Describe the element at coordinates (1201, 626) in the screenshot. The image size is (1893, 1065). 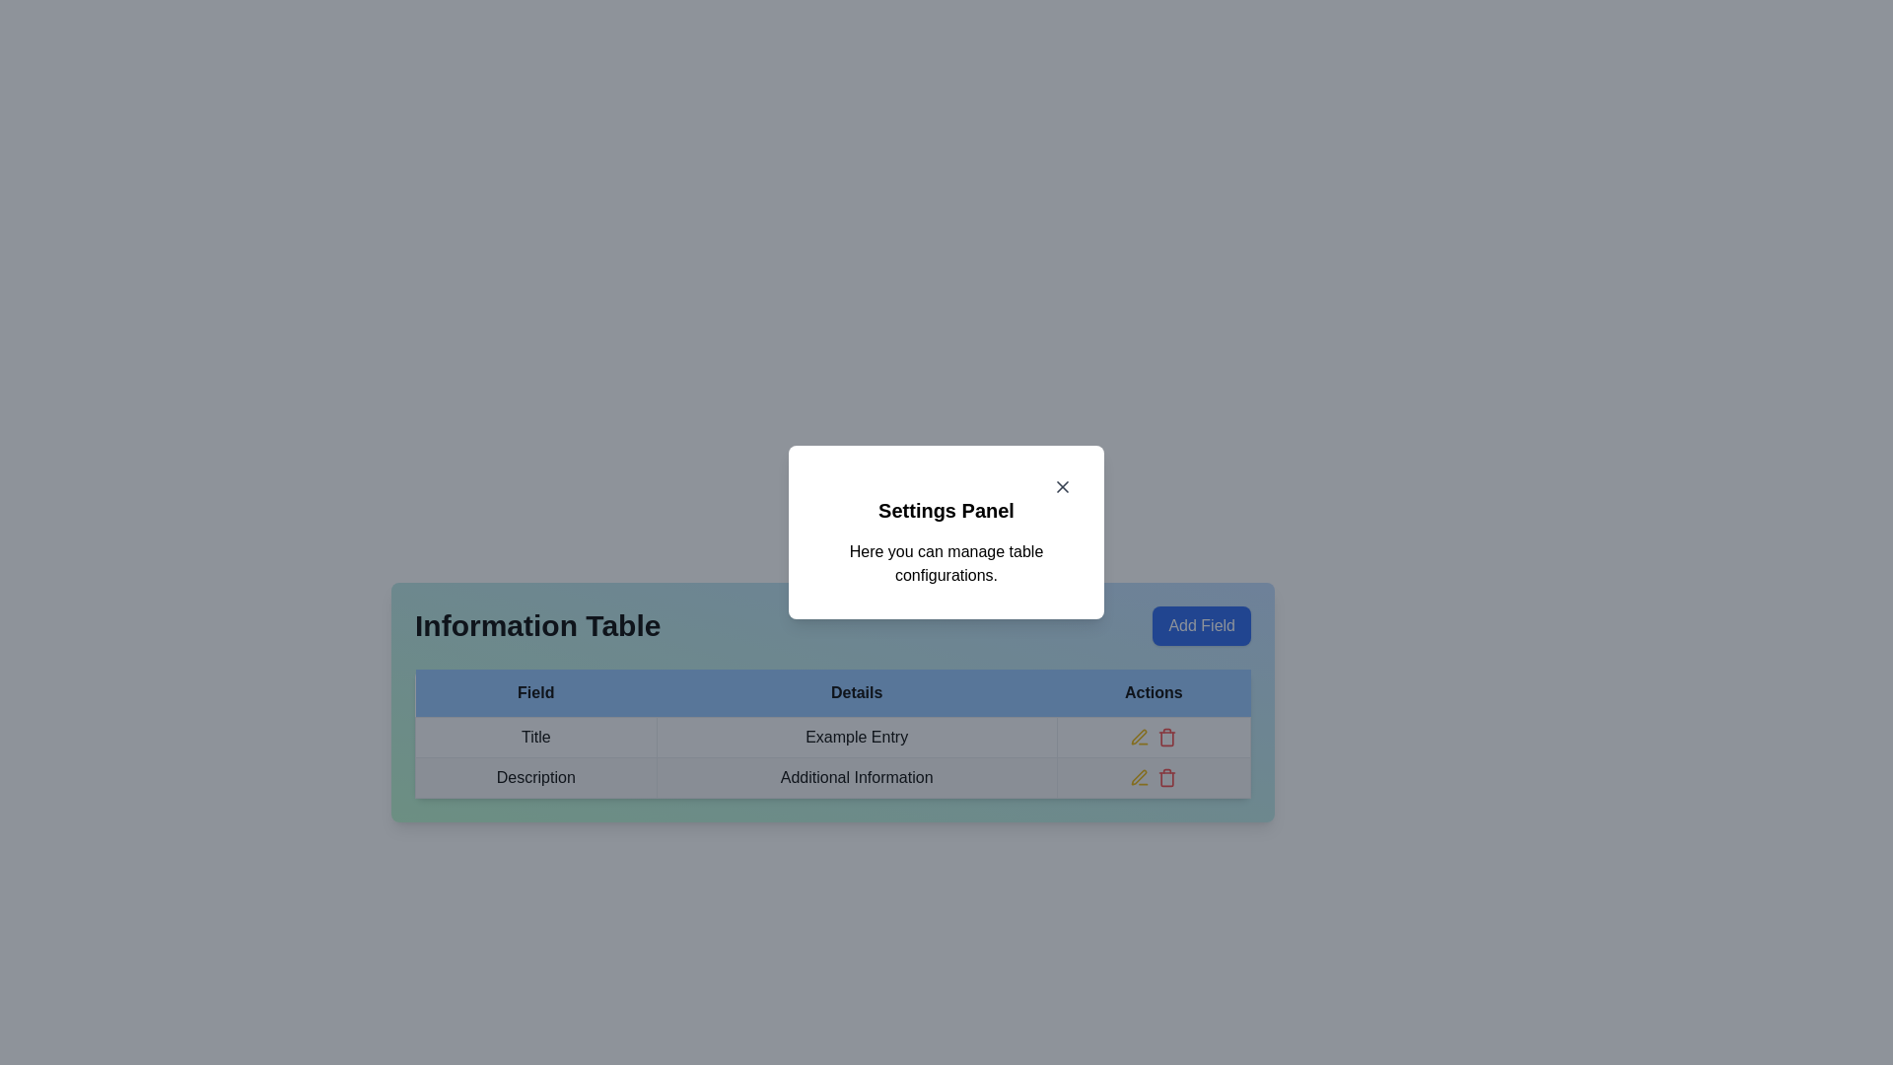
I see `the 'Add Field' button, which has a blue background and white text` at that location.